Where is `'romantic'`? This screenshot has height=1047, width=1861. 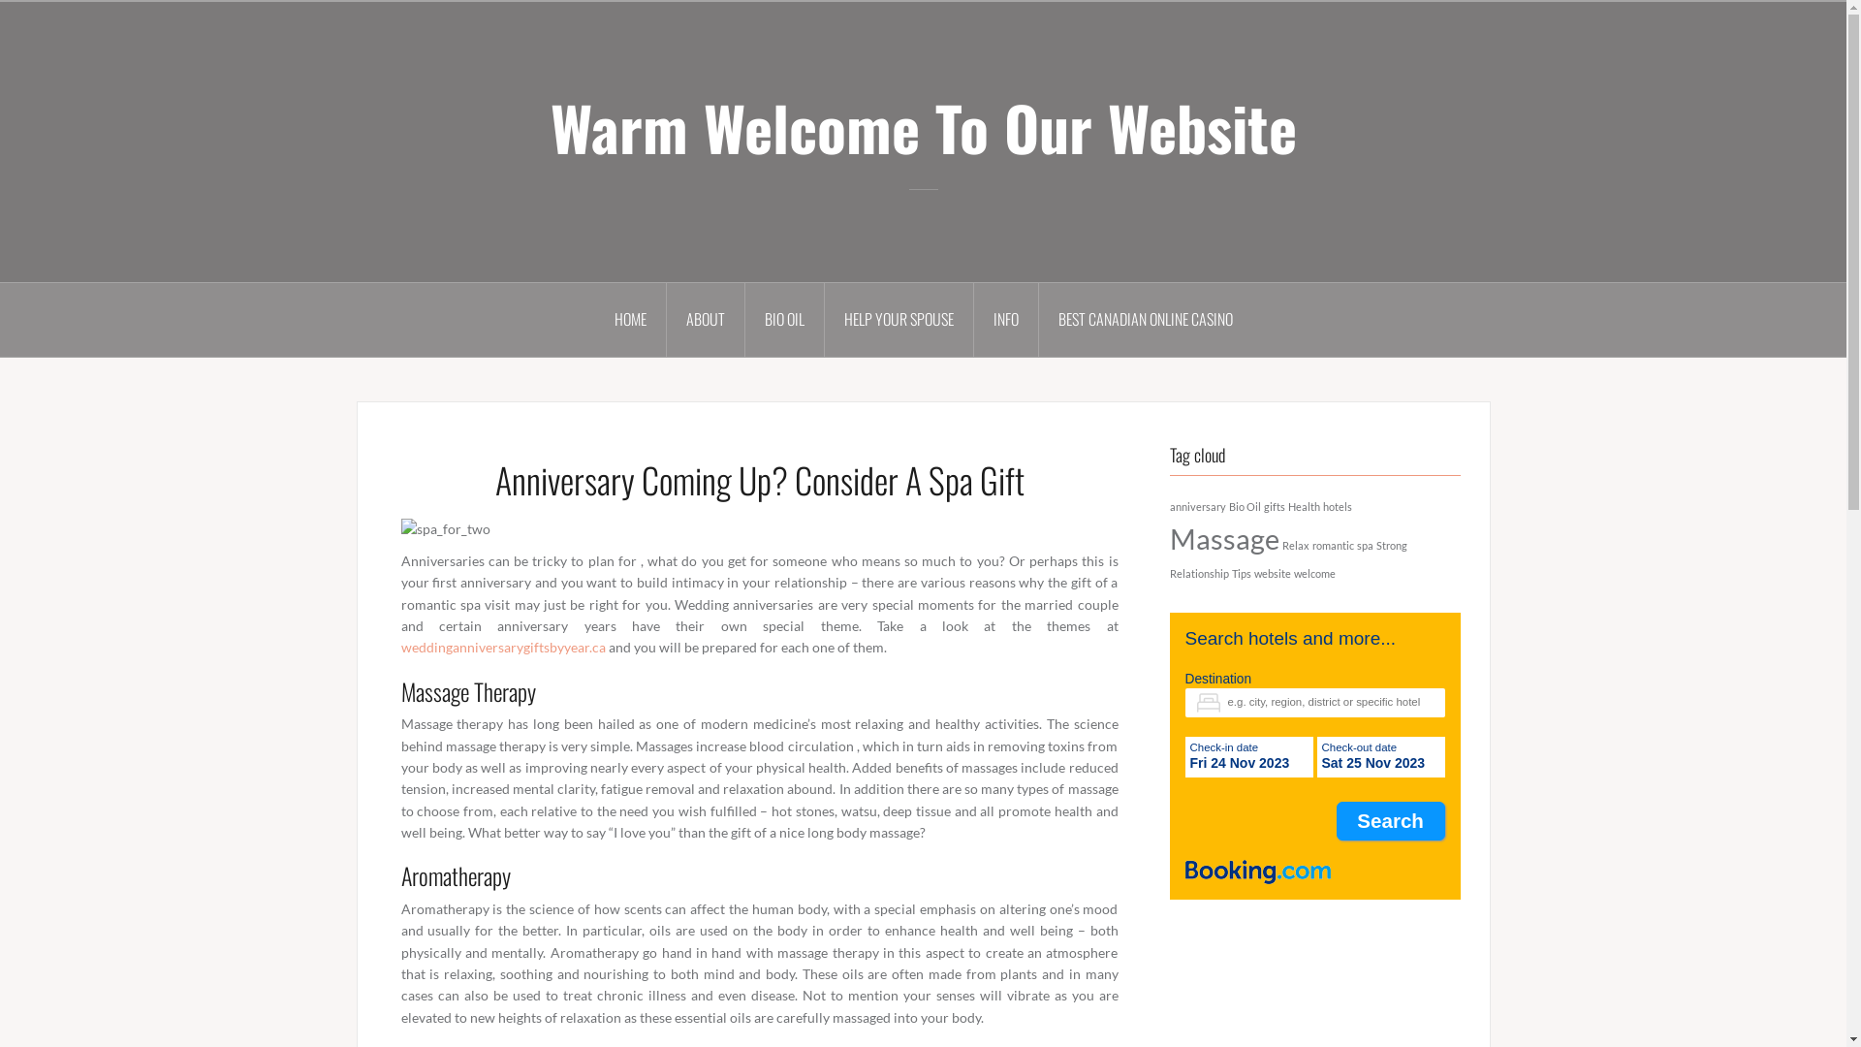
'romantic' is located at coordinates (1332, 545).